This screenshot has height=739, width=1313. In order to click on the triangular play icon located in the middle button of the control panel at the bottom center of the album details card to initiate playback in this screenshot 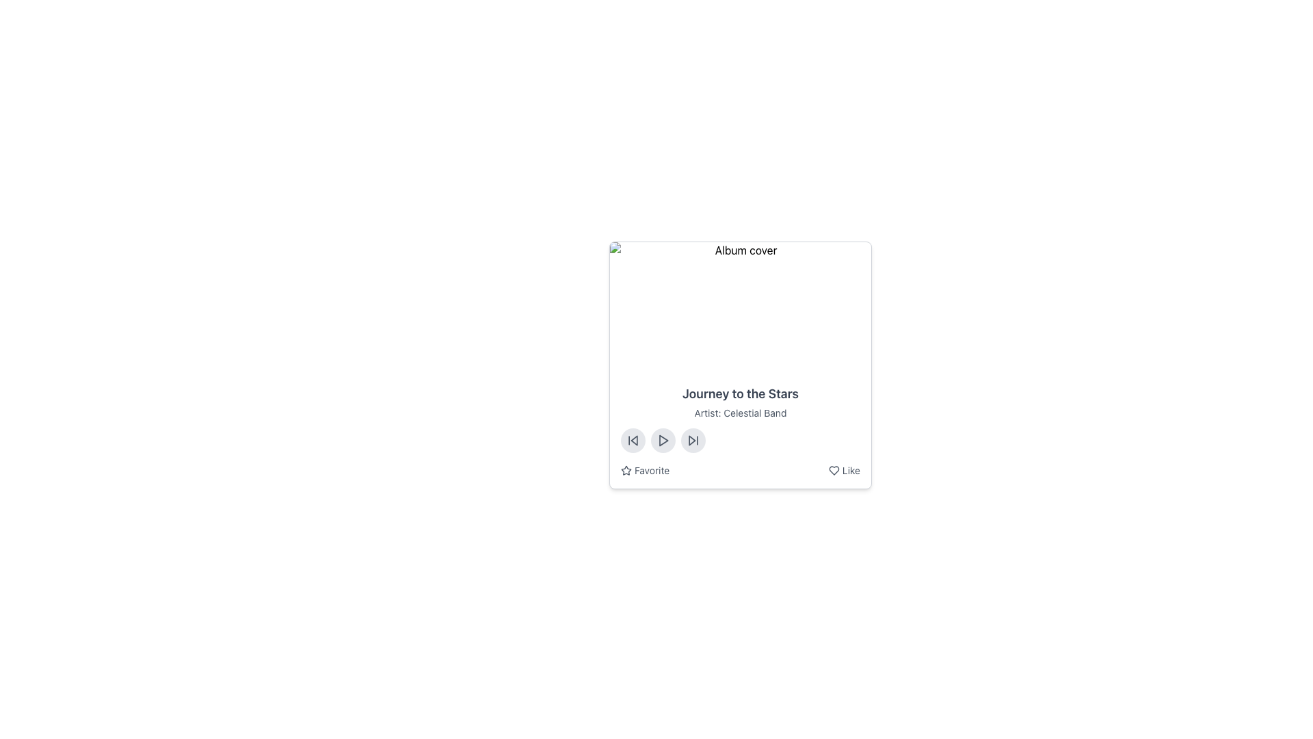, I will do `click(663, 441)`.